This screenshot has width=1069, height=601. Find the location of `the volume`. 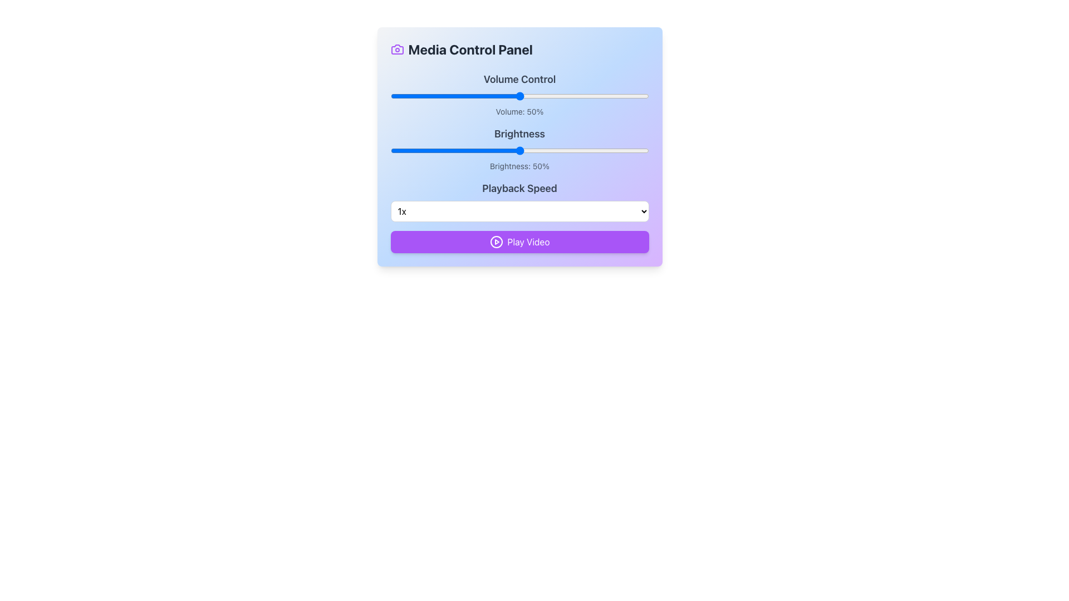

the volume is located at coordinates (429, 96).